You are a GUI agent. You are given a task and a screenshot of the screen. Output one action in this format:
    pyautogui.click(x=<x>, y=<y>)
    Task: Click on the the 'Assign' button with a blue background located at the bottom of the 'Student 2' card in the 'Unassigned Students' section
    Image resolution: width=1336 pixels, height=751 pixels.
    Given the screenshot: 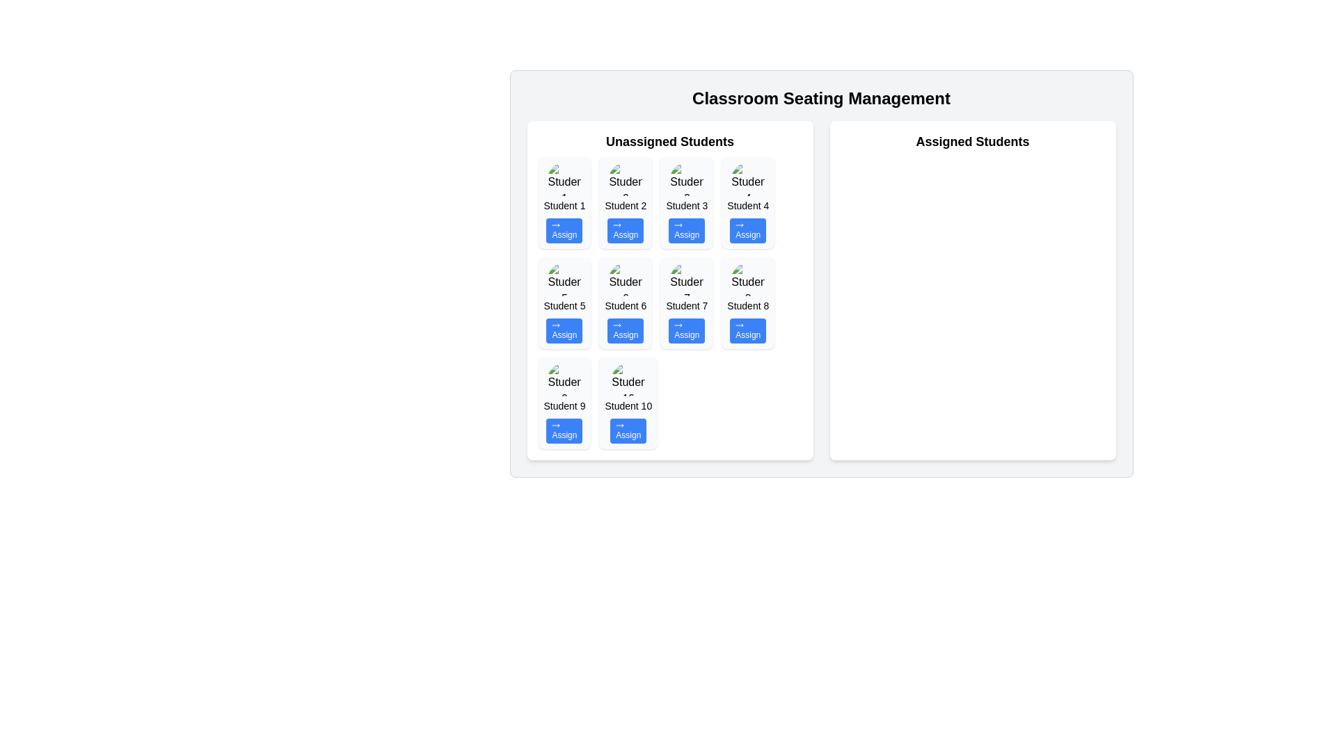 What is the action you would take?
    pyautogui.click(x=625, y=229)
    